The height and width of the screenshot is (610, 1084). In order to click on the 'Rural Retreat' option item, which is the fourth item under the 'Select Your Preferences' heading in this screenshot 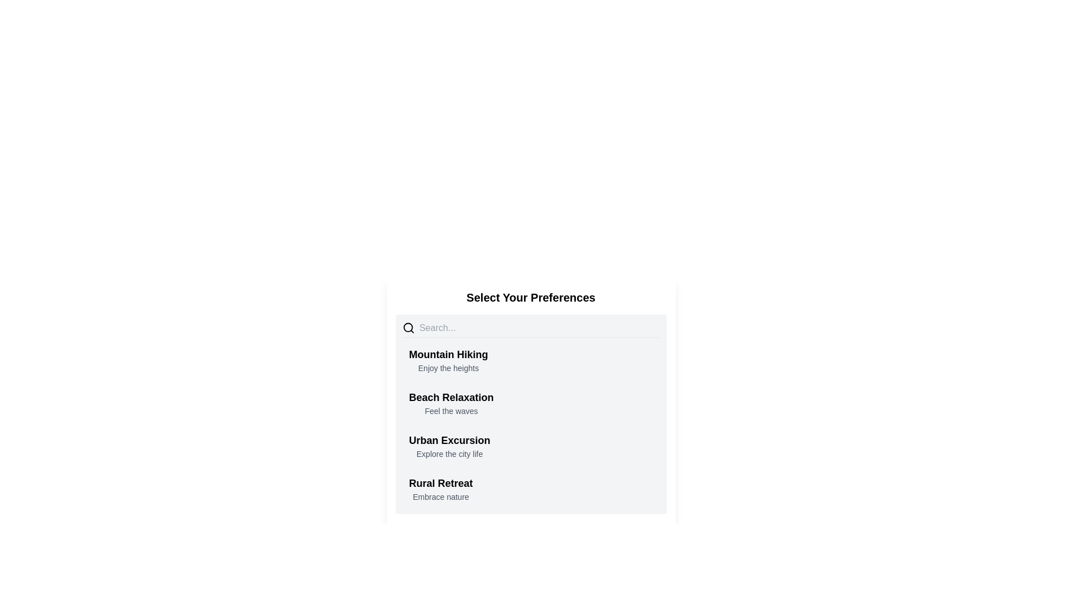, I will do `click(440, 489)`.